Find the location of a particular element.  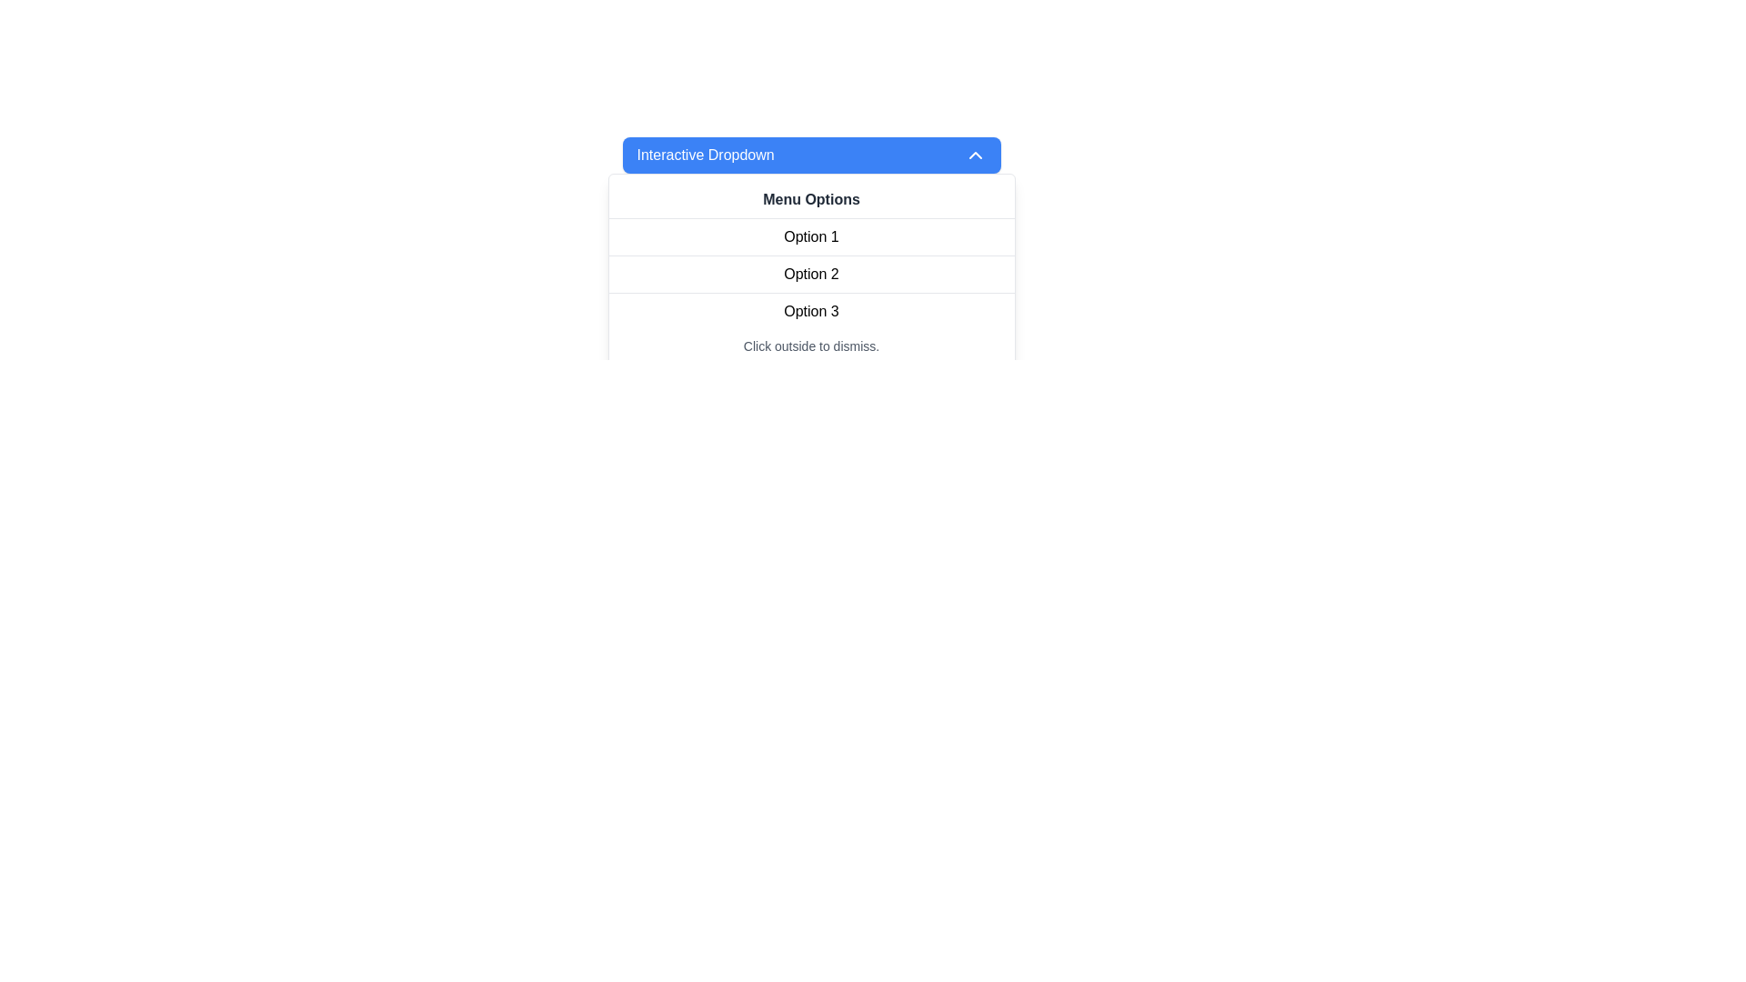

the static text header displaying 'Menu Options' in bold gray font, located at the top of the dropdown menu is located at coordinates (810, 200).